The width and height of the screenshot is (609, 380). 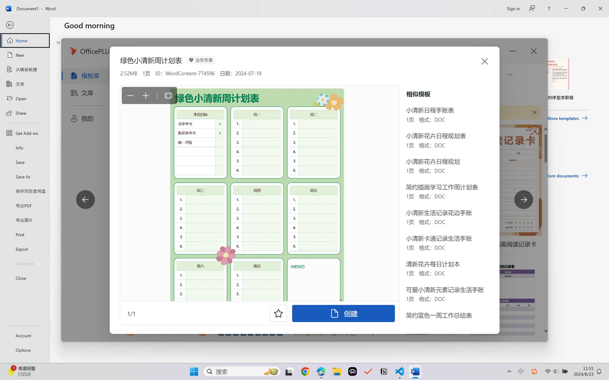 I want to click on 'Export', so click(x=24, y=249).